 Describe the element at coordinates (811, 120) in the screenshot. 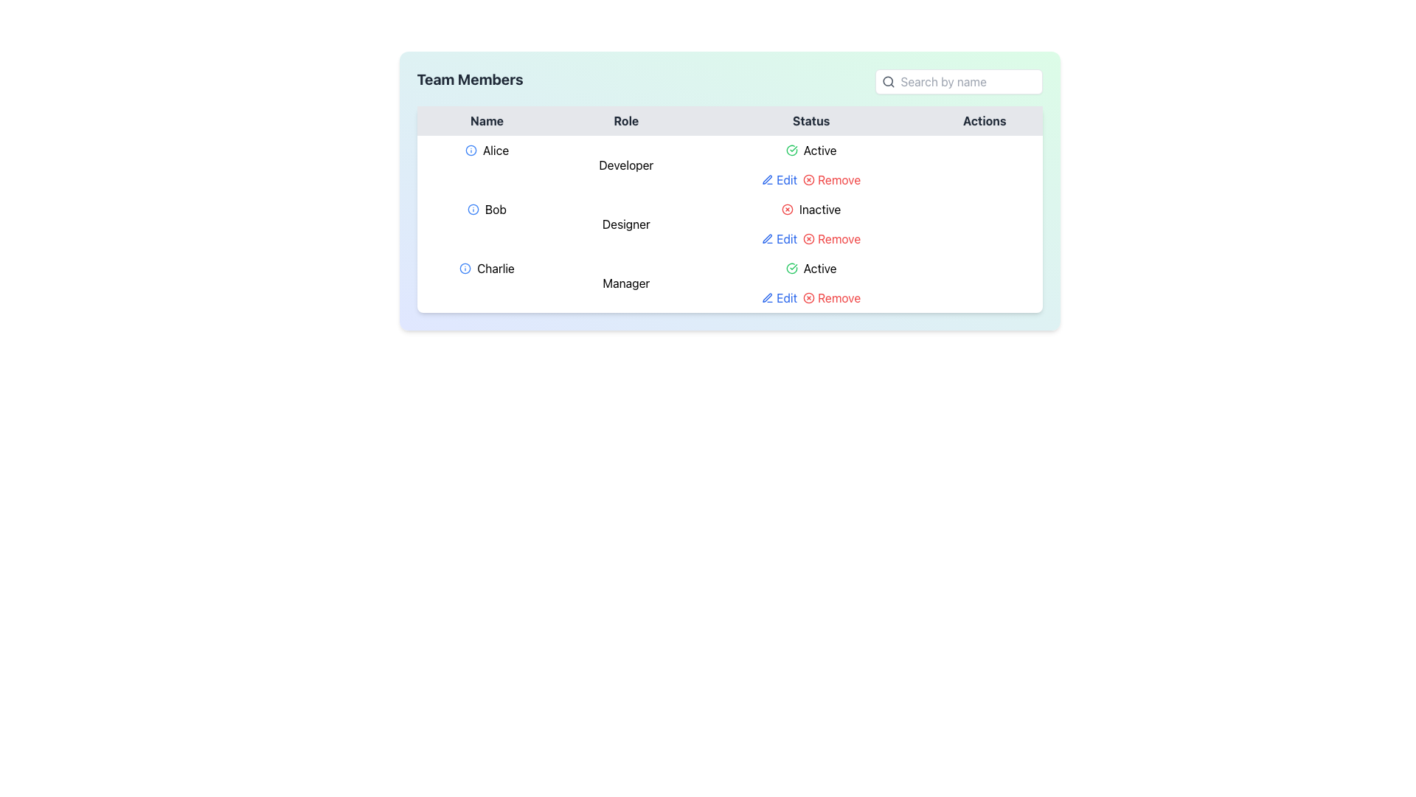

I see `the 'Status' text label, which is styled in bold, dark gray font and centered in a light gray background, located as the third item in the header row of the table layout` at that location.